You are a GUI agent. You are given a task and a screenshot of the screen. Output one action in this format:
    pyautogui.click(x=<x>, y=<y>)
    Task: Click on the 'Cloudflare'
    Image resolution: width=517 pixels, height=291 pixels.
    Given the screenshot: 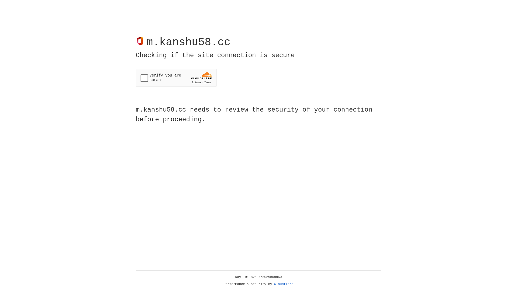 What is the action you would take?
    pyautogui.click(x=284, y=284)
    